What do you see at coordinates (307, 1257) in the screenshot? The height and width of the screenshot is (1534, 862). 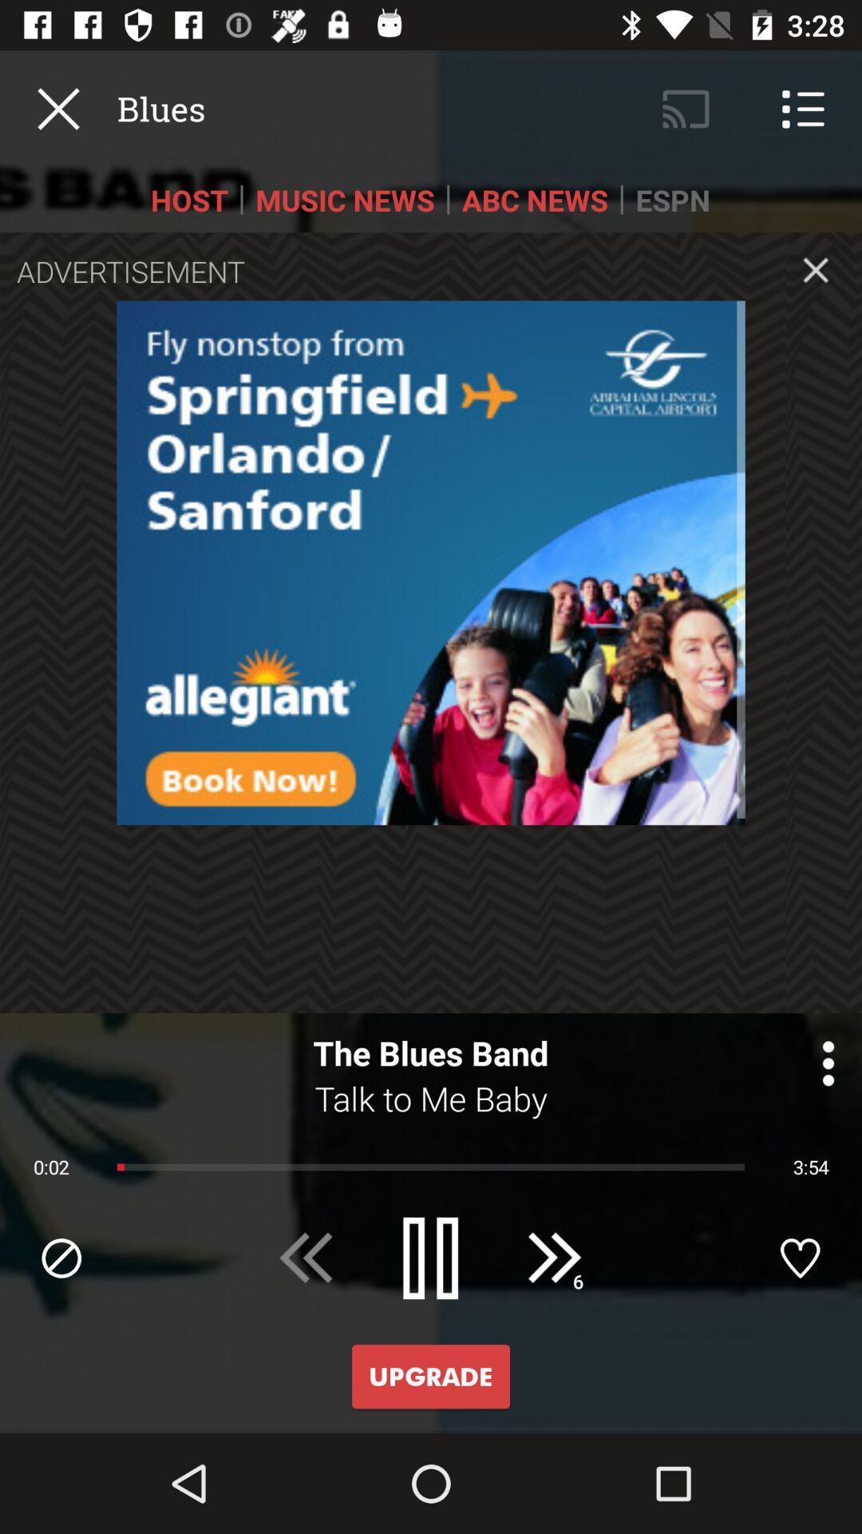 I see `the av_rewind icon` at bounding box center [307, 1257].